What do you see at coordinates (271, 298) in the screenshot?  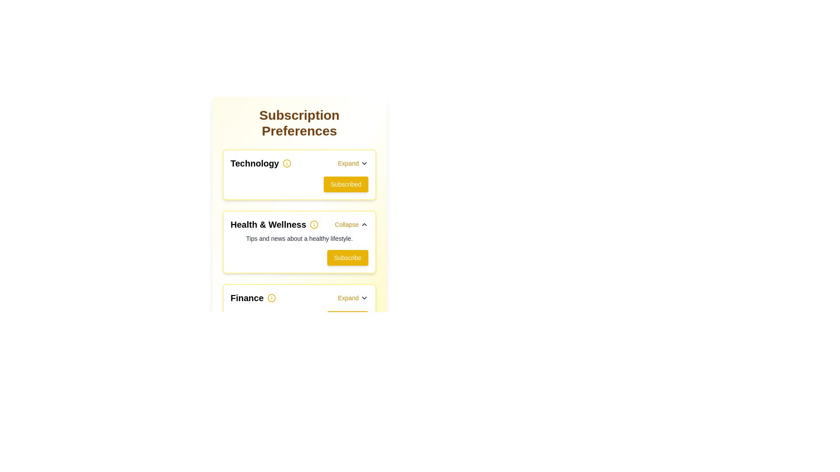 I see `the circular icon with a yellow outline and exclamation mark located to the right of the 'Finance' text in the subscription preferences section` at bounding box center [271, 298].